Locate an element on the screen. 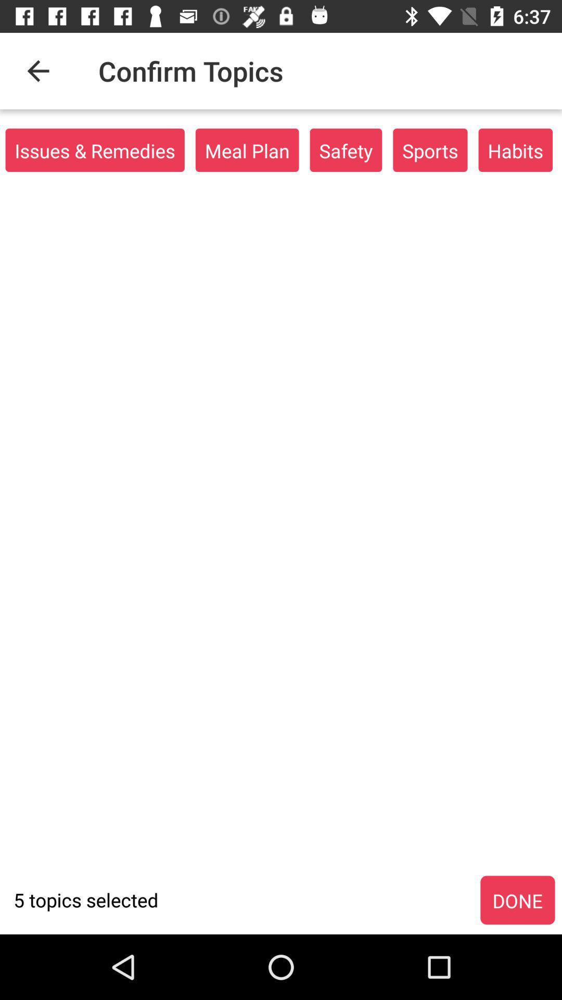  the icon at the bottom right corner is located at coordinates (517, 900).